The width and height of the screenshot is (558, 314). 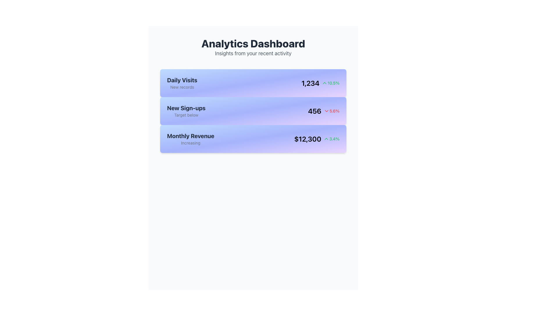 What do you see at coordinates (324, 83) in the screenshot?
I see `the upward trend indicator icon located to the left of the percentage text '10.5%'` at bounding box center [324, 83].